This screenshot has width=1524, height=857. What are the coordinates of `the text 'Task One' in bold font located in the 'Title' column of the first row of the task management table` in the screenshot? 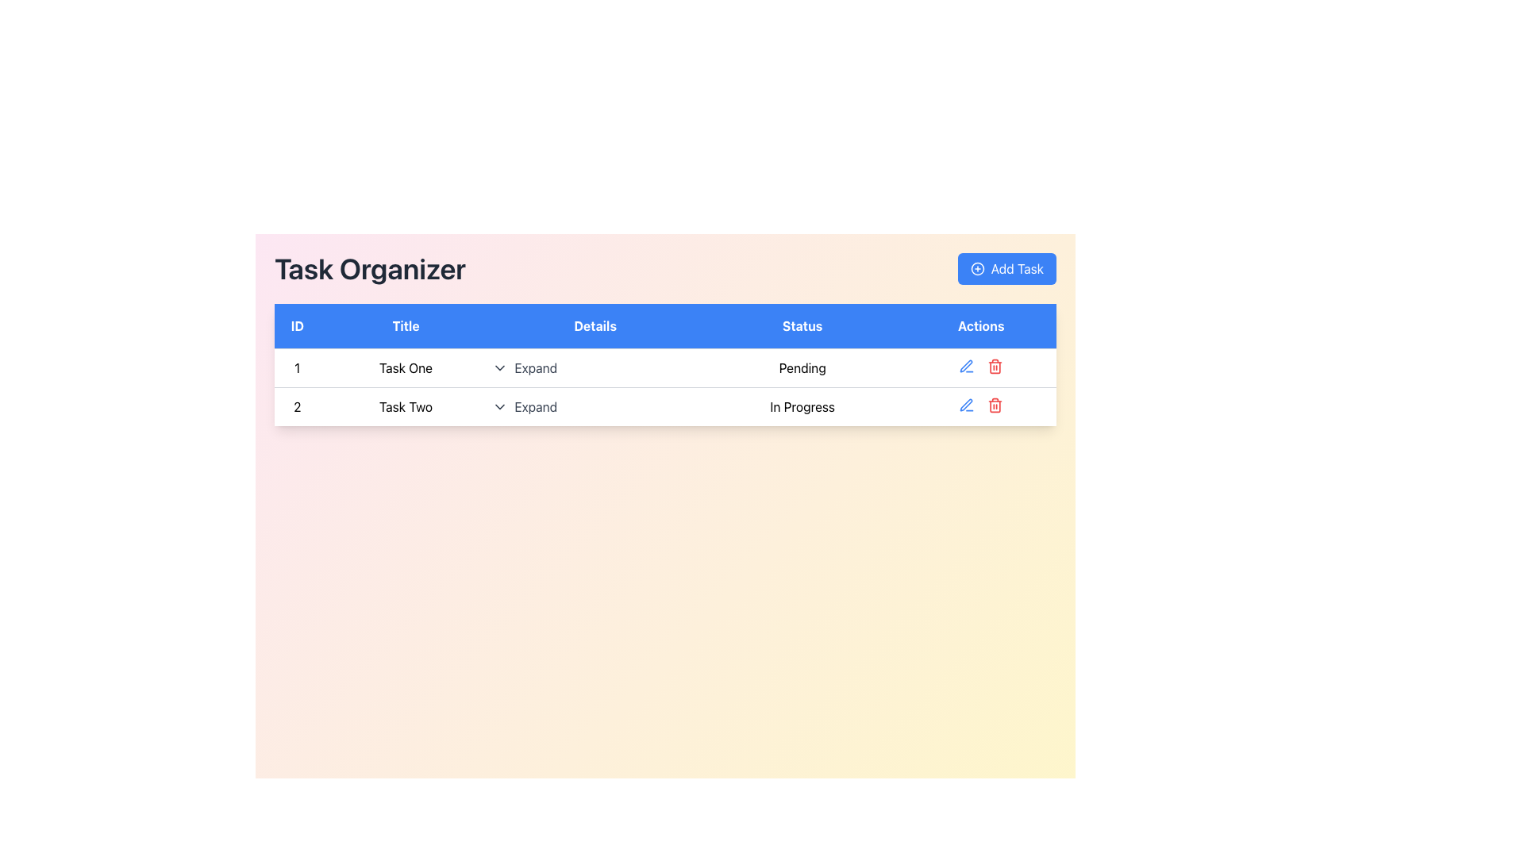 It's located at (406, 367).